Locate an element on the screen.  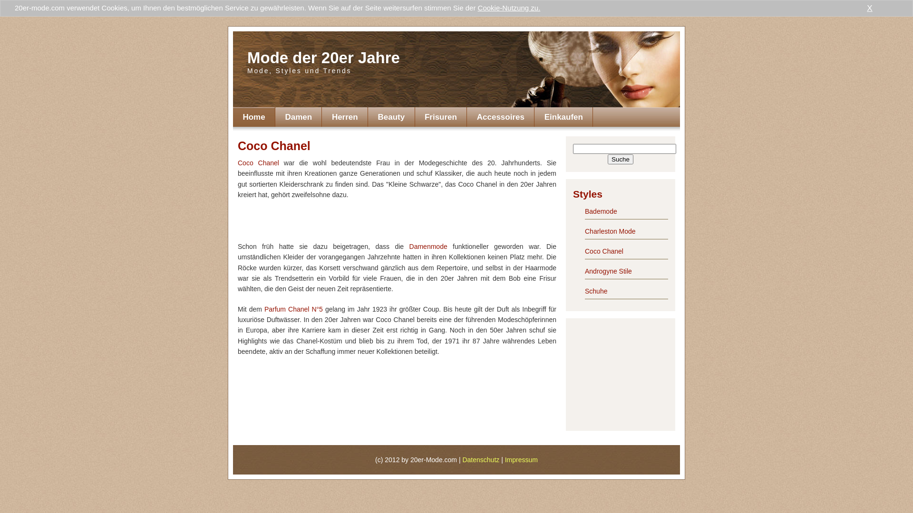
'Cookie-Nutzung zu.' is located at coordinates (508, 8).